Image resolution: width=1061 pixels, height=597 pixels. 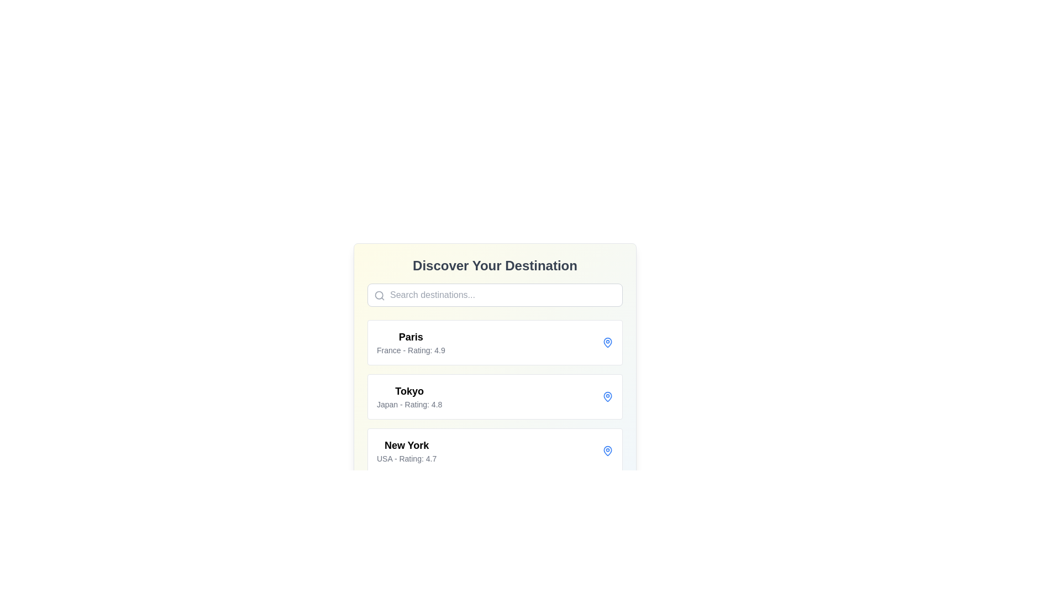 What do you see at coordinates (406, 445) in the screenshot?
I see `the main title text label located in the third box of the vertically stacked list of destinations underneath the search bar` at bounding box center [406, 445].